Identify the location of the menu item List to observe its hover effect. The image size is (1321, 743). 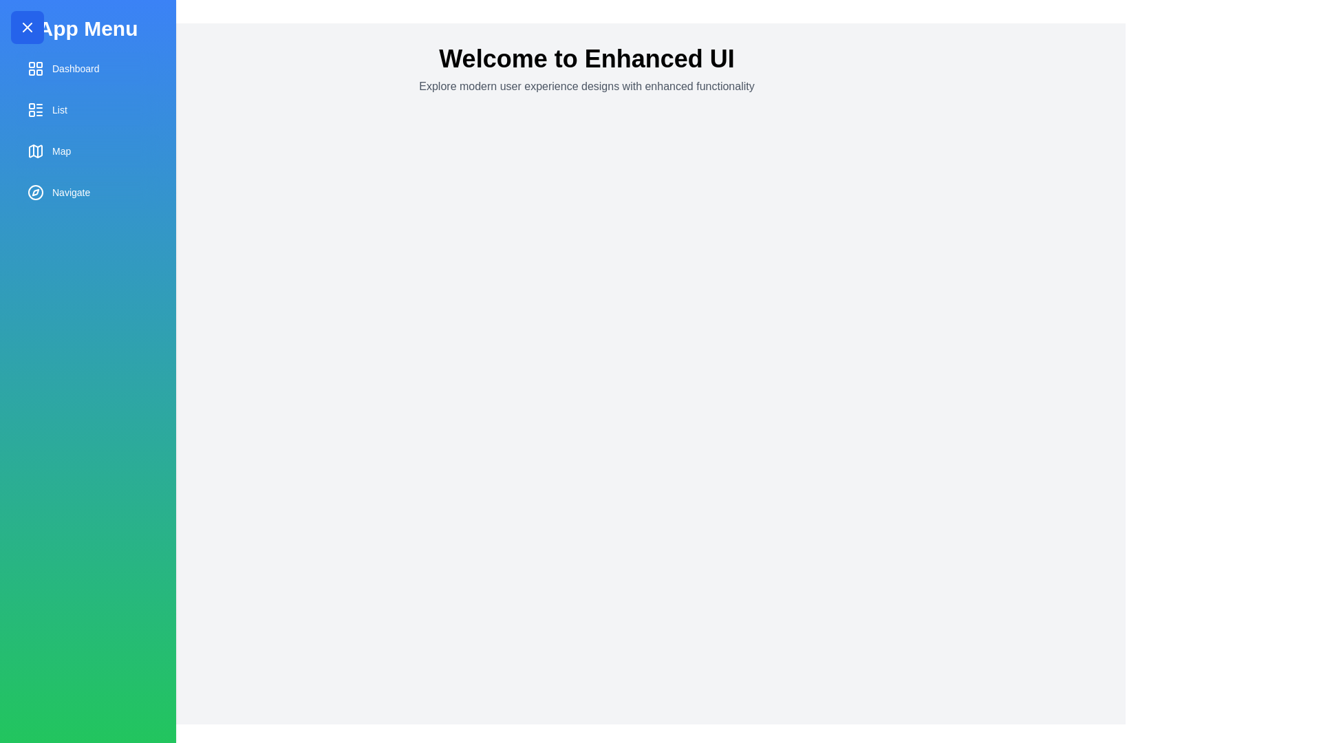
(87, 109).